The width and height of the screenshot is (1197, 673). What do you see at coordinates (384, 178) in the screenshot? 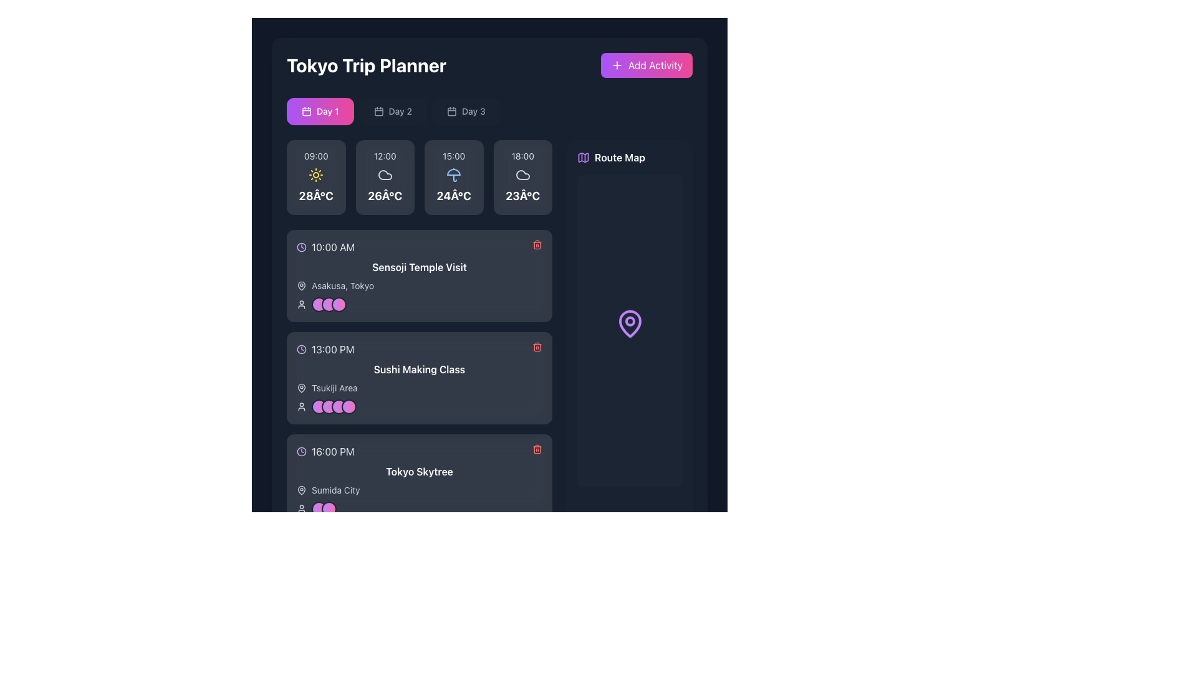
I see `the weather forecast display card showing '12:00' and '26°C', which is the second card in a grid layout` at bounding box center [384, 178].